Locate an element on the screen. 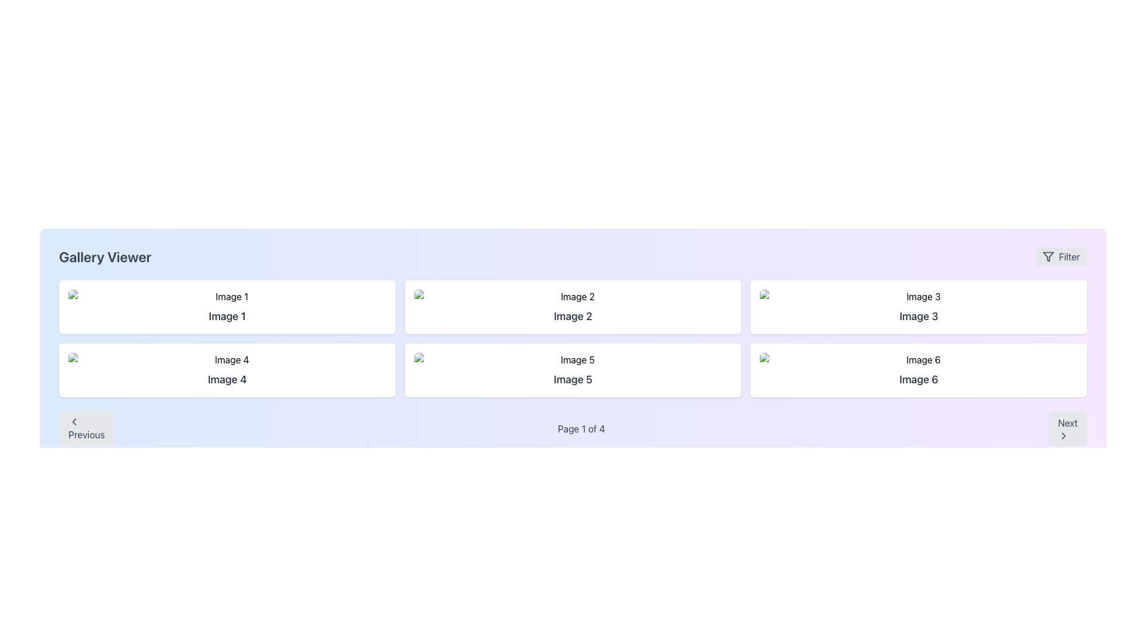  the leftmost image in the second row of the gallery grid is located at coordinates (227, 359).